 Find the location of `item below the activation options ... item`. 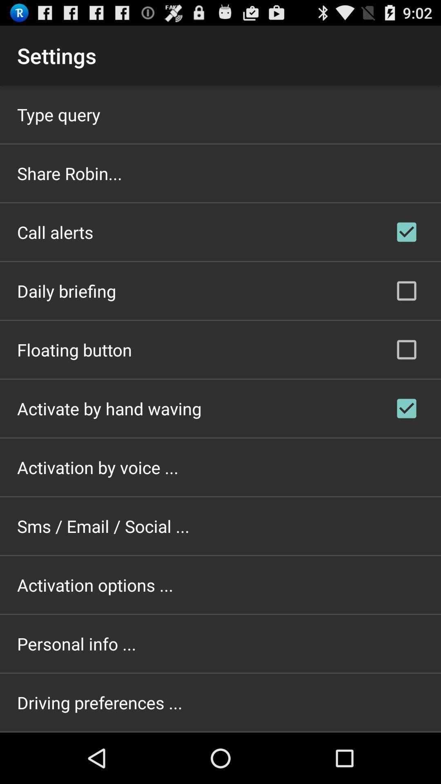

item below the activation options ... item is located at coordinates (76, 643).